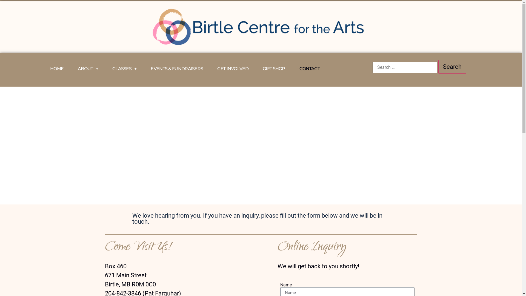 The height and width of the screenshot is (296, 526). I want to click on 'GIFT SHOP', so click(274, 68).